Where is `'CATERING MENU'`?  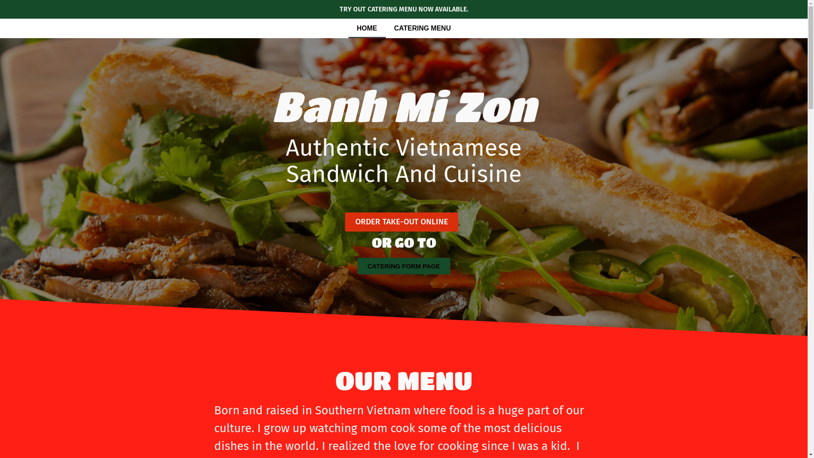
'CATERING MENU' is located at coordinates (423, 28).